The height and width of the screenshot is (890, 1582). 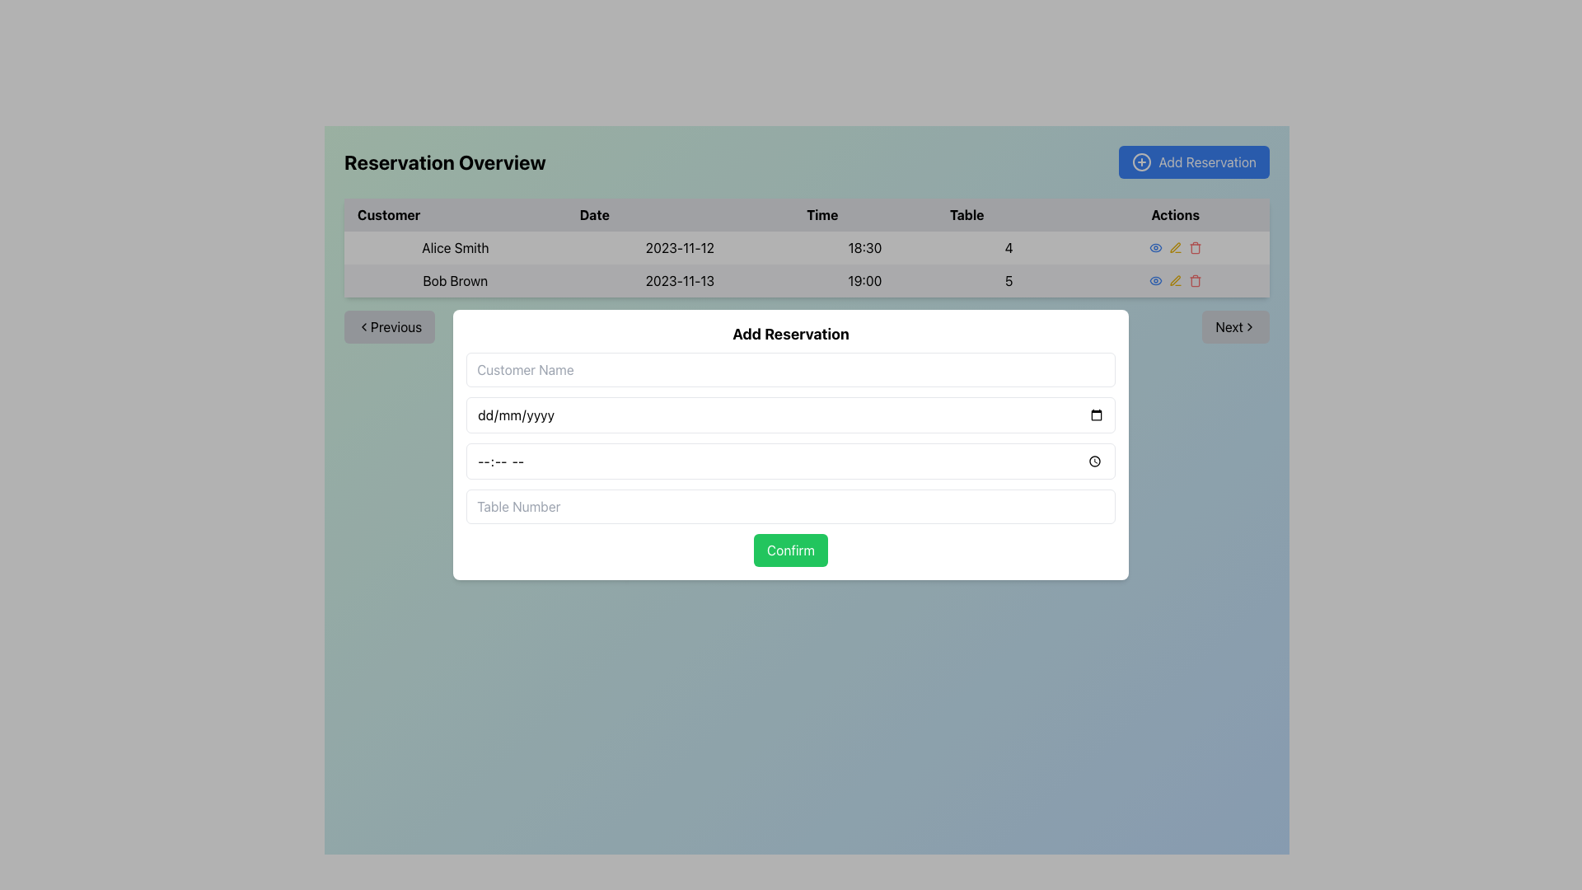 What do you see at coordinates (1249, 327) in the screenshot?
I see `the forward icon located inside the 'Next' button in the lower right section of the interface, which indicates a next action` at bounding box center [1249, 327].